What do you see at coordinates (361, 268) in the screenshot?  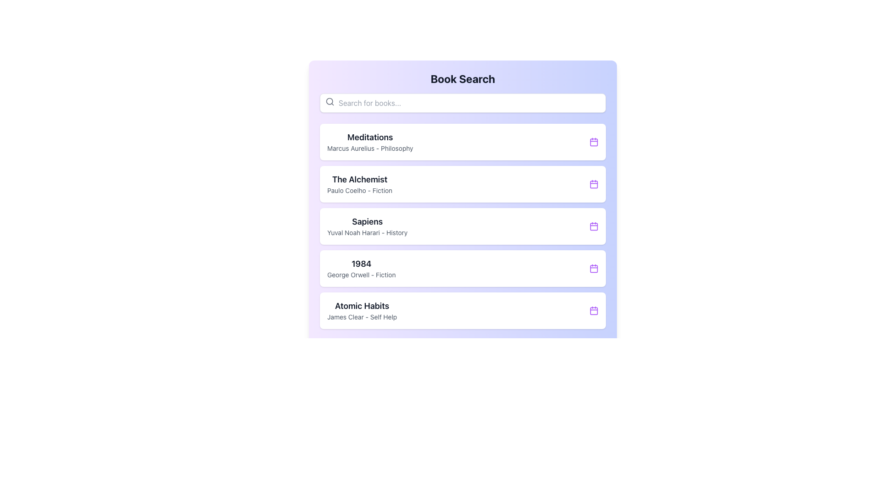 I see `the Text Element displaying '1984' by George Orwell, which is the fourth entry in a vertically stacked list within a card-style layout` at bounding box center [361, 268].